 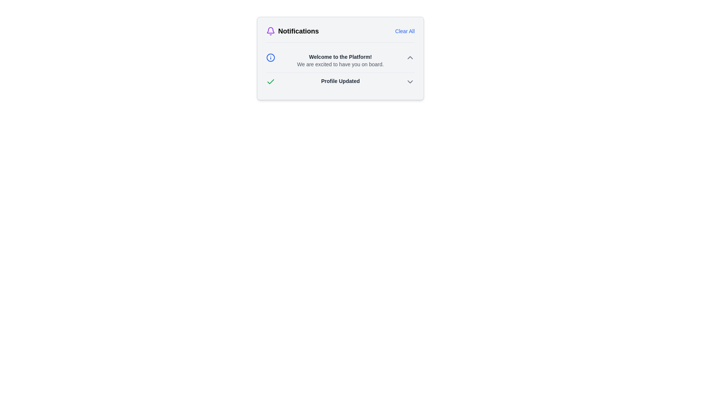 I want to click on the downward-facing chevron icon button located at the far right of the 'Profile Updated' notification row, so click(x=409, y=82).